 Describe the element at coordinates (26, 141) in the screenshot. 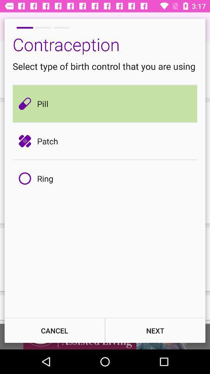

I see `the patch icon` at that location.